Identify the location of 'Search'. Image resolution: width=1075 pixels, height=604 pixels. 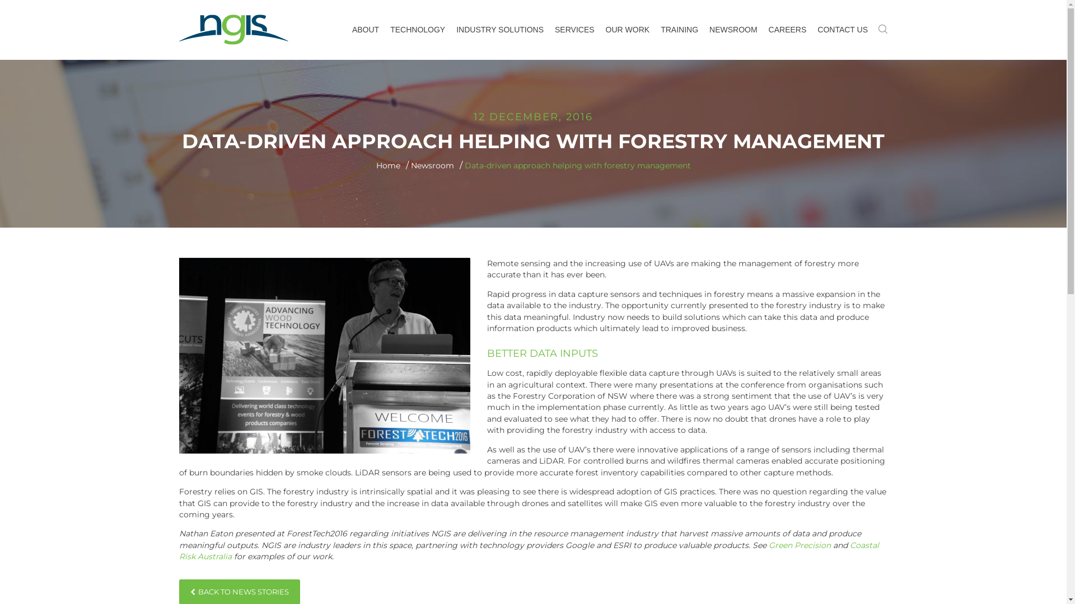
(346, 6).